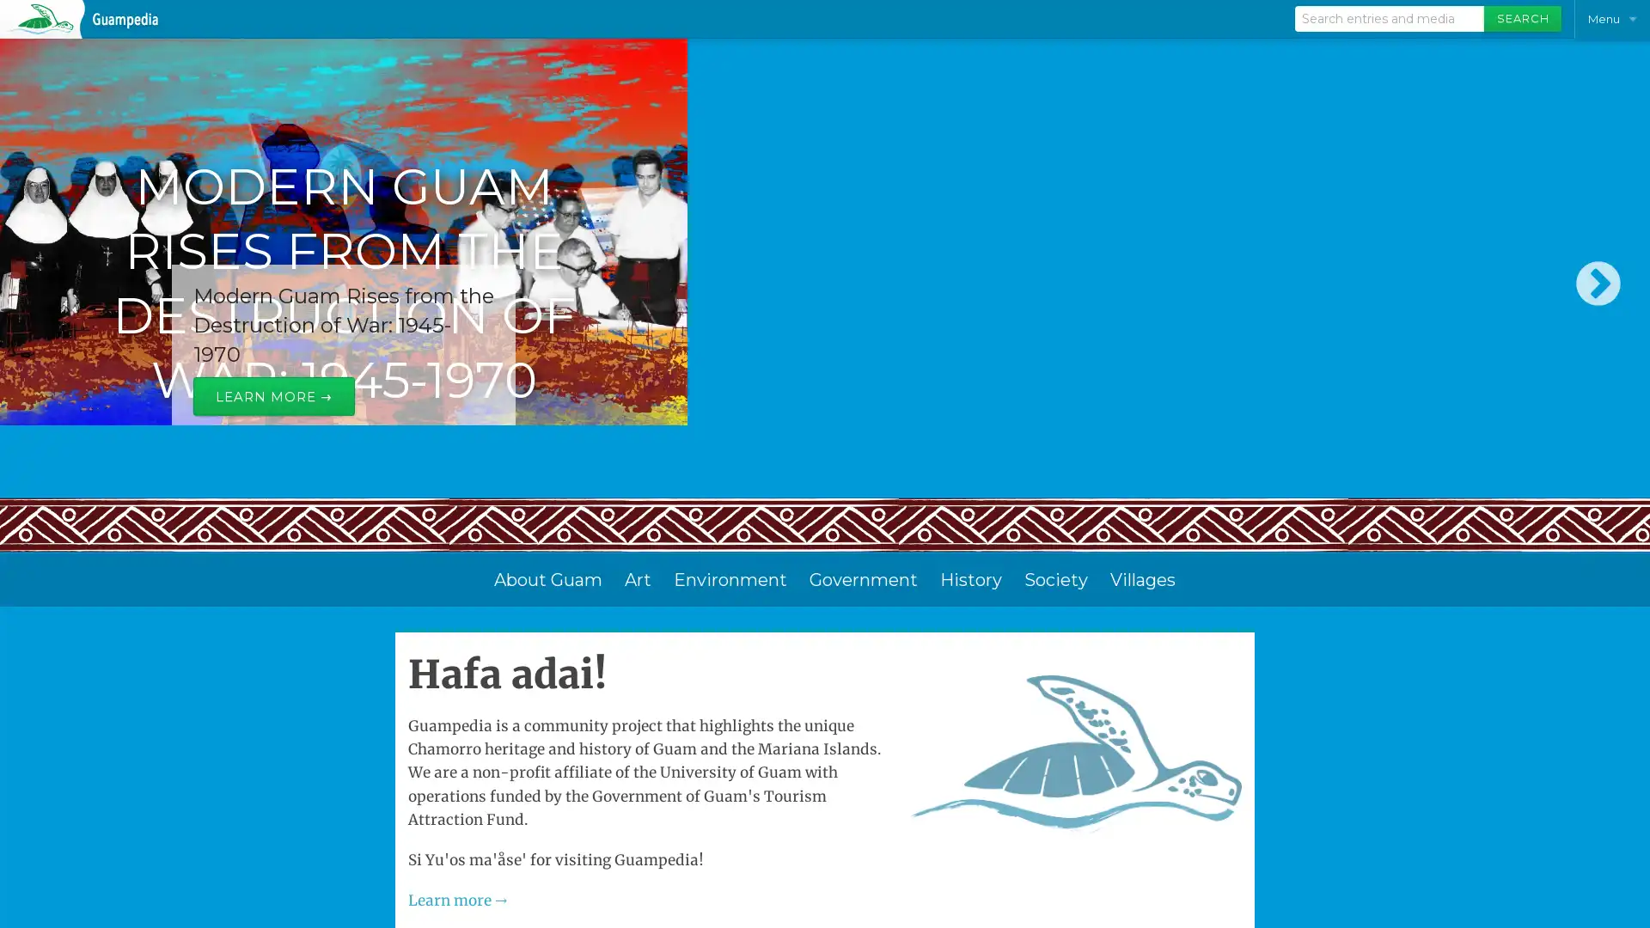  I want to click on Next, so click(1598, 318).